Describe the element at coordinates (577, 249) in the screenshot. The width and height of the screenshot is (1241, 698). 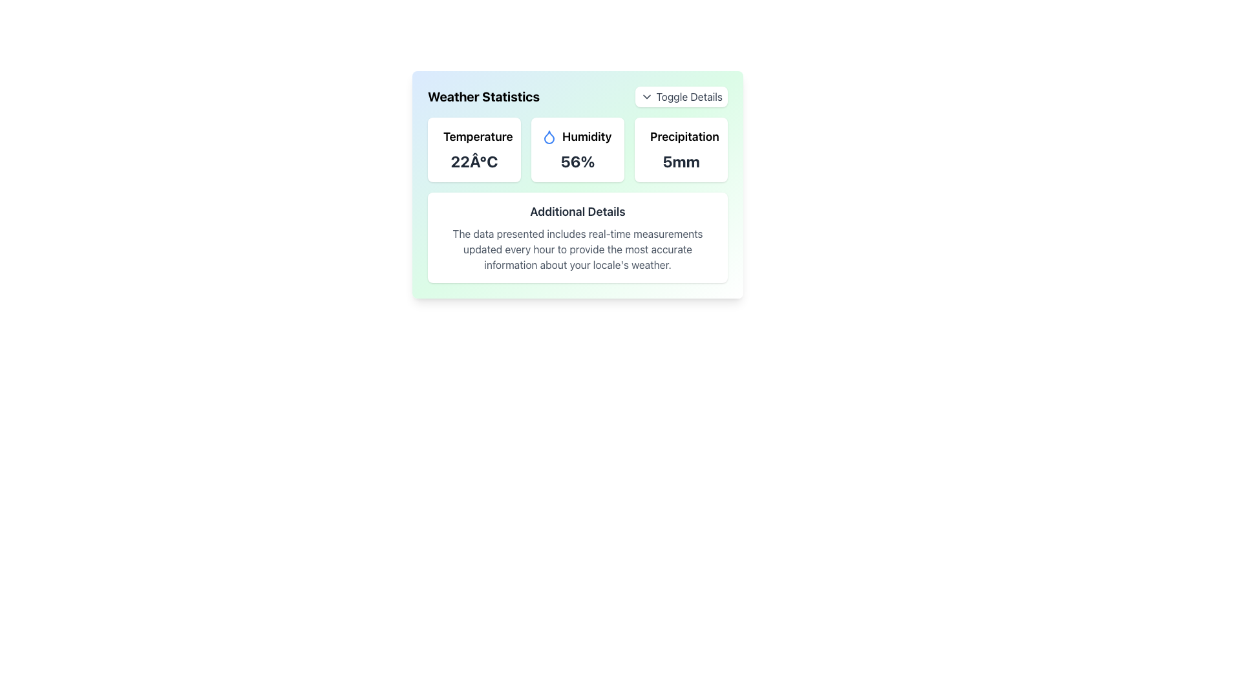
I see `the static text element that provides supplementary information about real-time updates of weather data located under the heading 'Additional Details'` at that location.